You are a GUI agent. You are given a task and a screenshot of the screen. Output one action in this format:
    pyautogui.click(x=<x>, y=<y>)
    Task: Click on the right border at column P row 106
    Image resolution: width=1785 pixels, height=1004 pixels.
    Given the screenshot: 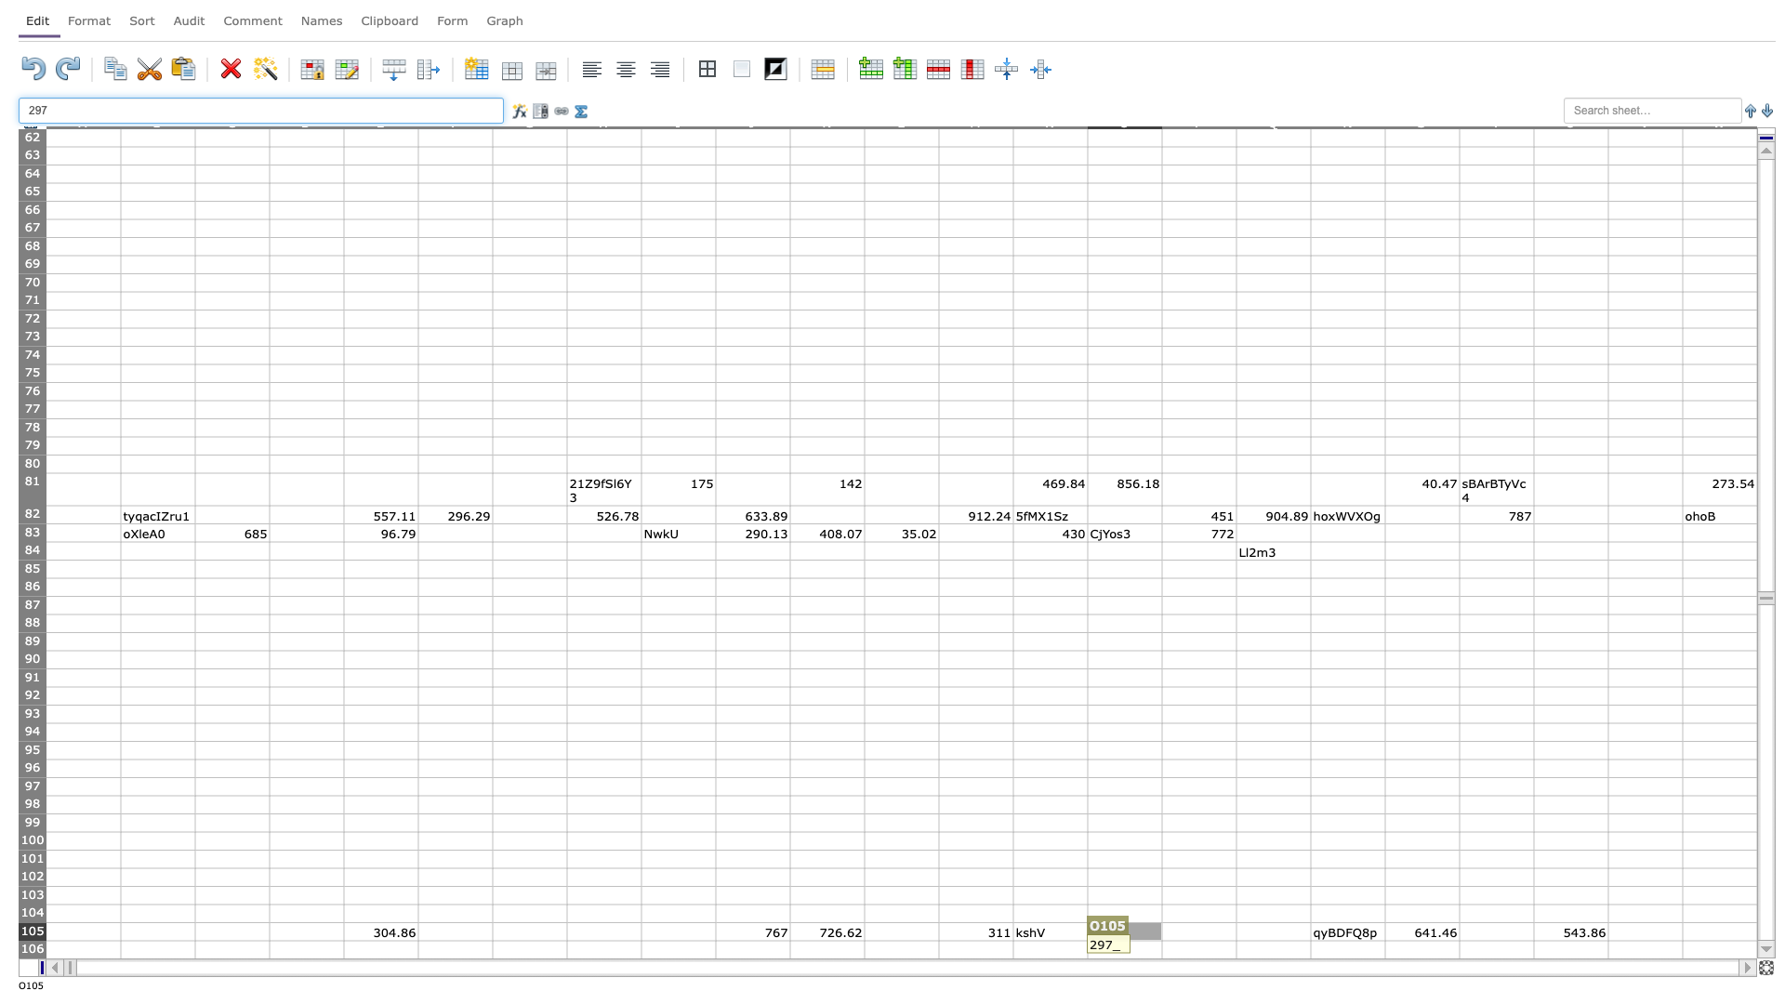 What is the action you would take?
    pyautogui.click(x=1236, y=949)
    